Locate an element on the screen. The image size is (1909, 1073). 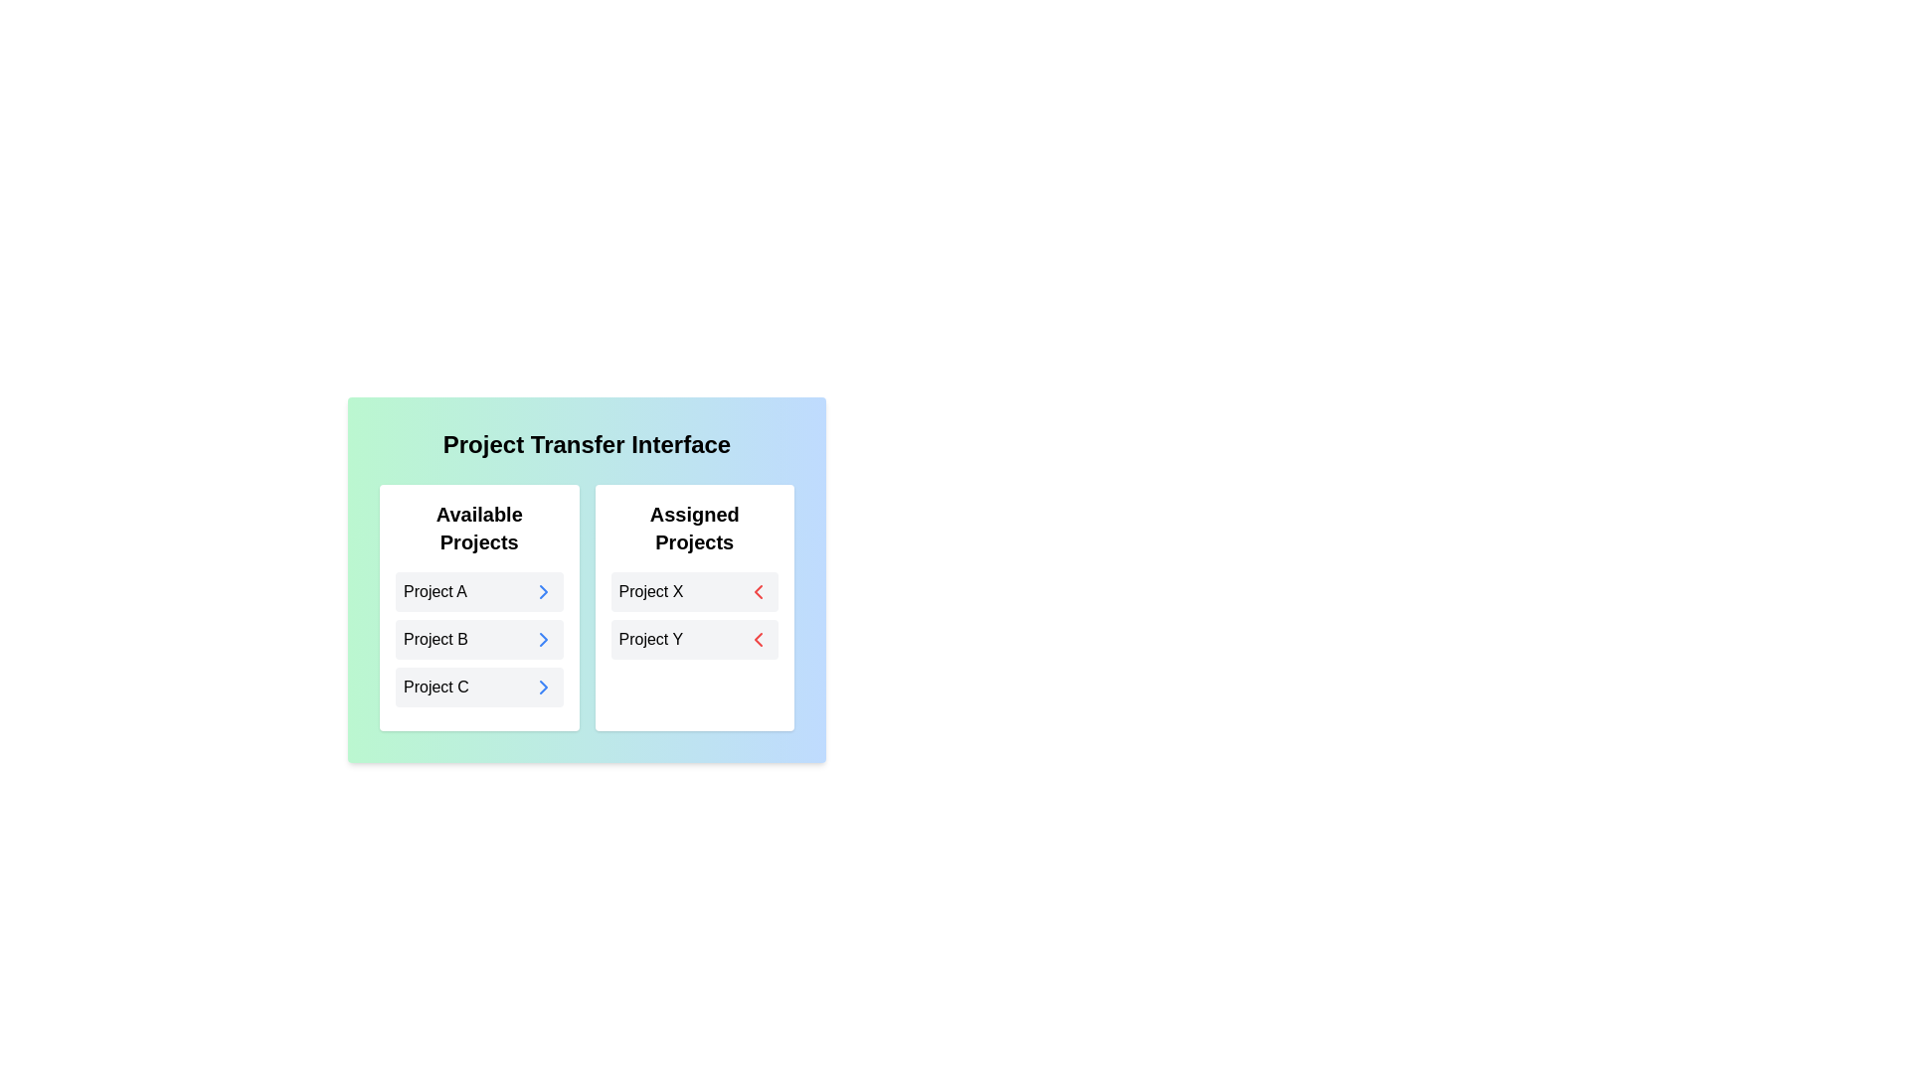
the 'Available Projects' text label, which serves as a title for the section, positioned within the white card on the left half of the interface is located at coordinates (479, 528).